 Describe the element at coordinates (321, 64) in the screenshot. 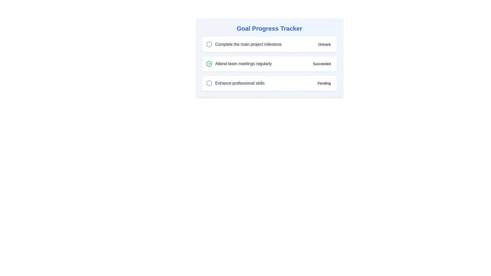

I see `the status badge indicating successful completion of the task 'Attend team meetings regularly' located in the second row of a vertical list` at that location.